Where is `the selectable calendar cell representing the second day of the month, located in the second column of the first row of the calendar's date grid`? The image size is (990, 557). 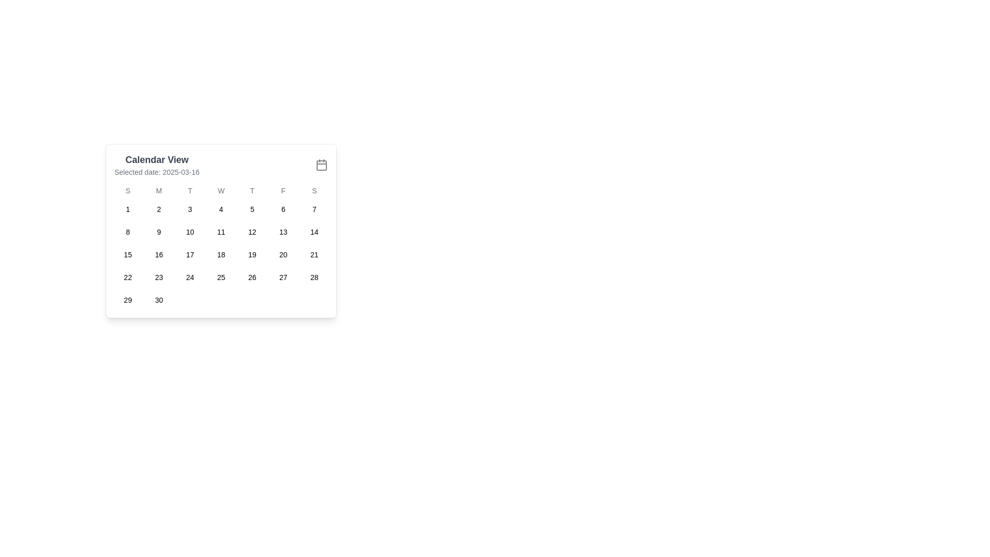
the selectable calendar cell representing the second day of the month, located in the second column of the first row of the calendar's date grid is located at coordinates (158, 209).